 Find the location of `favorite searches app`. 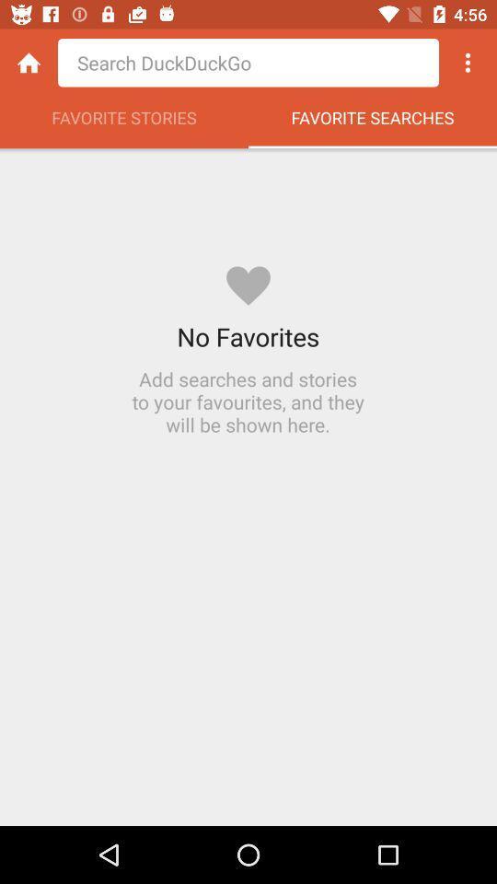

favorite searches app is located at coordinates (373, 122).